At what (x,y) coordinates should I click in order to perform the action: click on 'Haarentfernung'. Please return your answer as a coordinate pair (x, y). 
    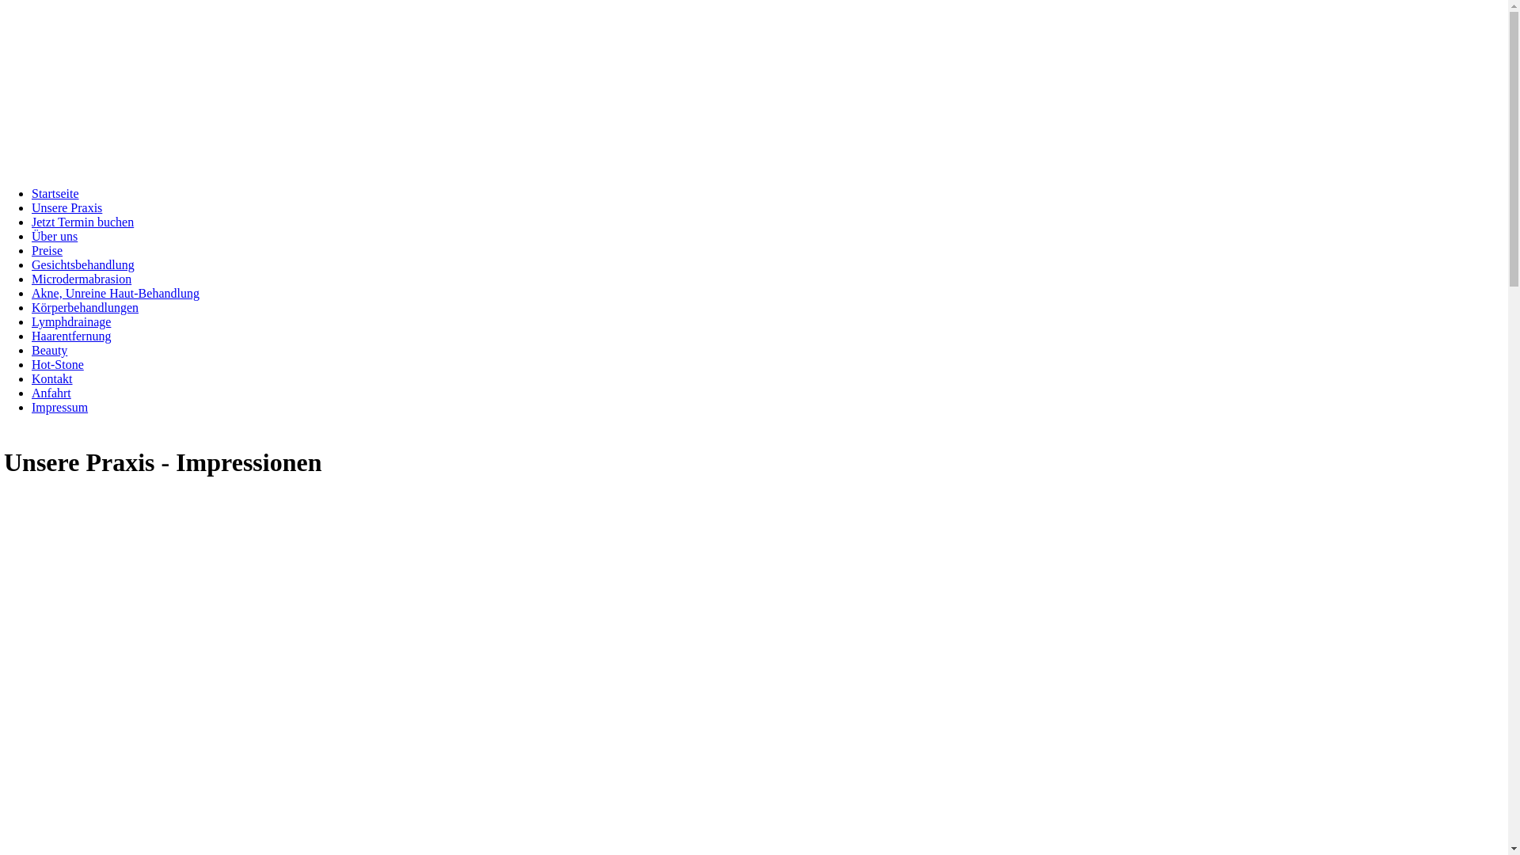
    Looking at the image, I should click on (70, 335).